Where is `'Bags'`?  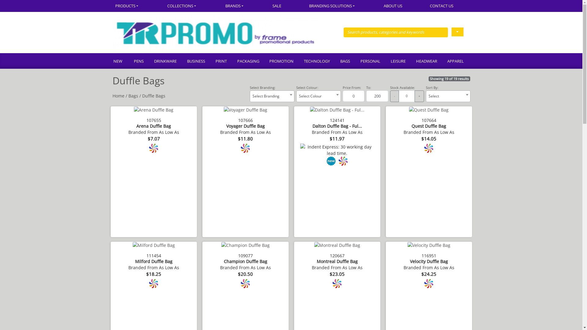 'Bags' is located at coordinates (133, 96).